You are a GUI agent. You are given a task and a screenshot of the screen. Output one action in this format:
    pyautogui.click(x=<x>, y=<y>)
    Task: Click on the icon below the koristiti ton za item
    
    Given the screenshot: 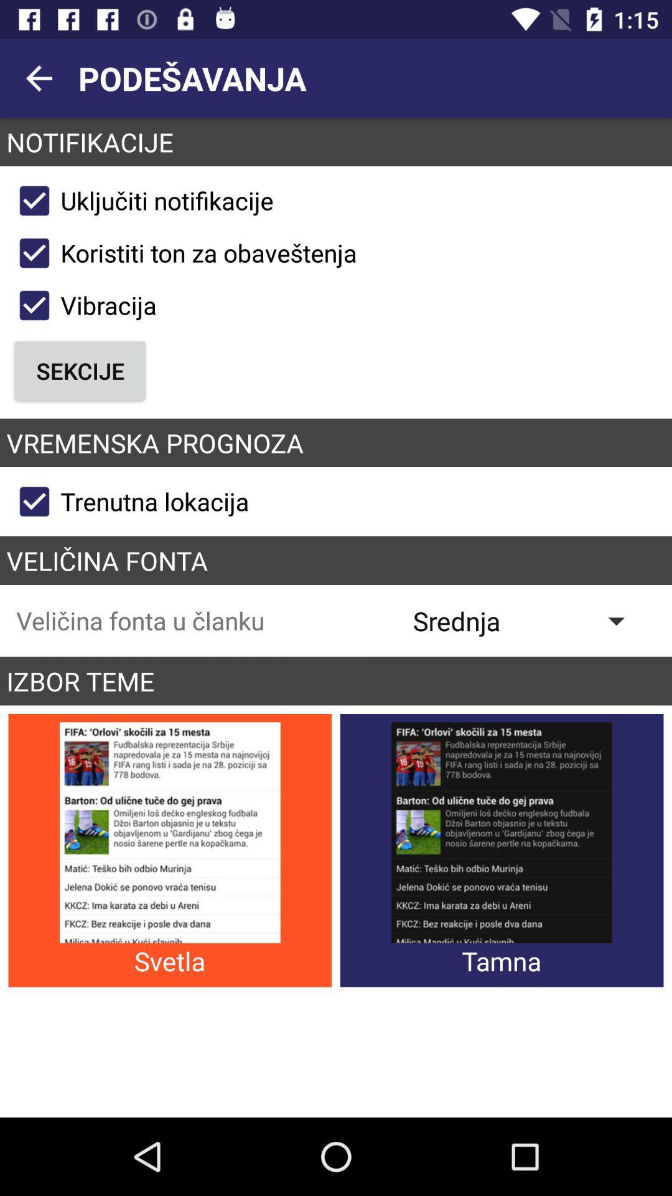 What is the action you would take?
    pyautogui.click(x=82, y=305)
    